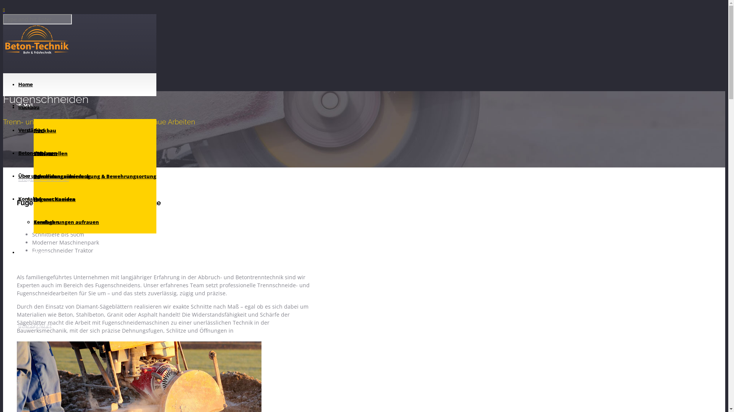 This screenshot has height=412, width=734. I want to click on 'Skip to Content', so click(22, 9).